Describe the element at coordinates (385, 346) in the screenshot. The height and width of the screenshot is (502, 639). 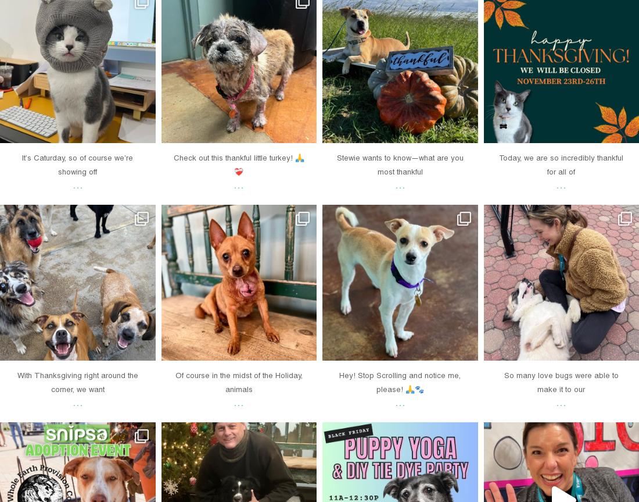
I see `'Nov 20'` at that location.